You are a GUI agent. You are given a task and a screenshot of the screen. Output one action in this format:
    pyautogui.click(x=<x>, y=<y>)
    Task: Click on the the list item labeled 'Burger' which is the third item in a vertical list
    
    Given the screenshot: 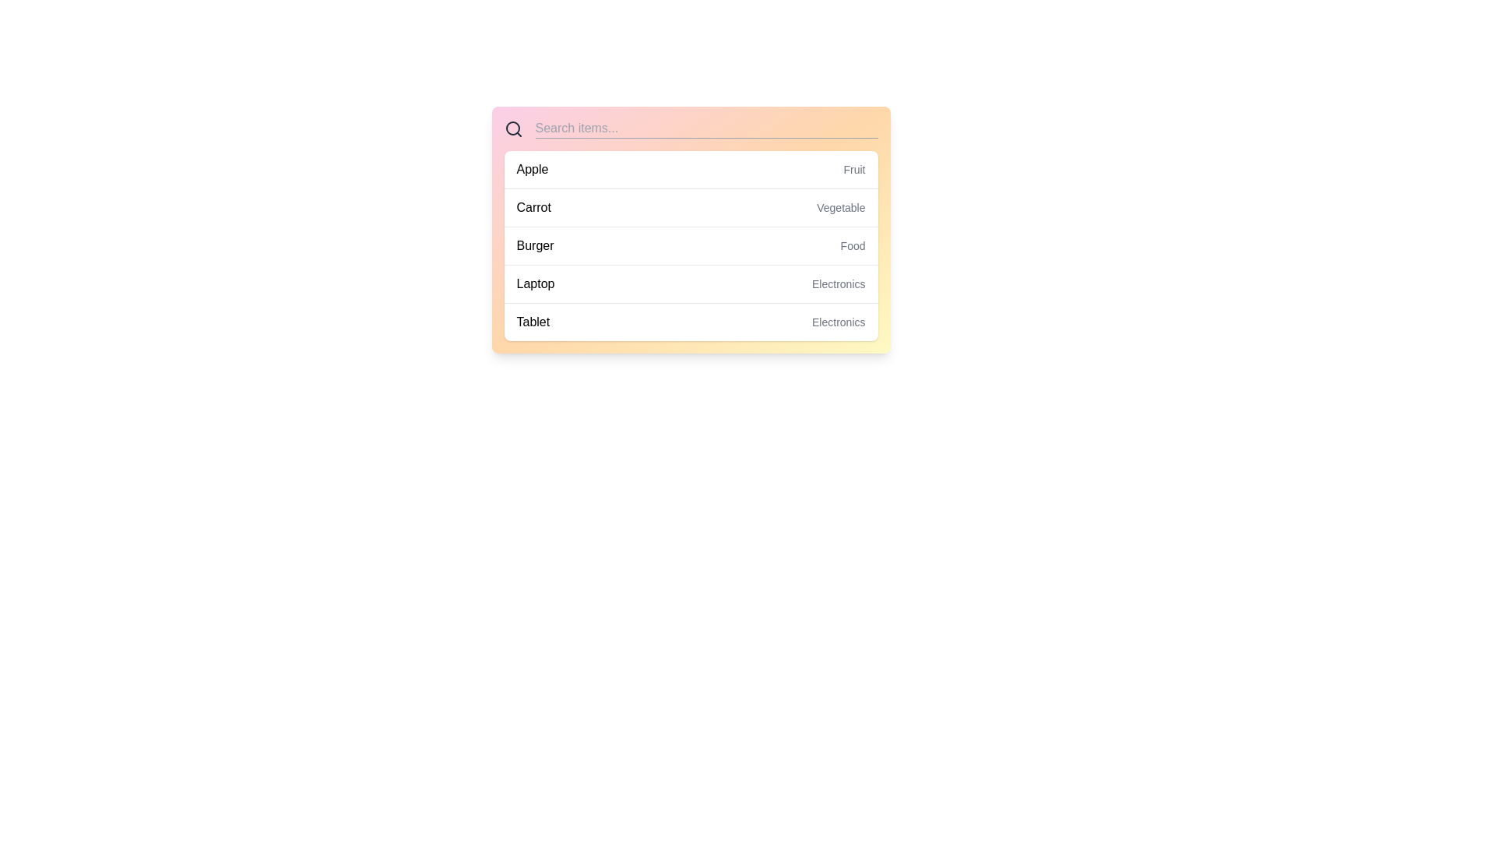 What is the action you would take?
    pyautogui.click(x=690, y=245)
    